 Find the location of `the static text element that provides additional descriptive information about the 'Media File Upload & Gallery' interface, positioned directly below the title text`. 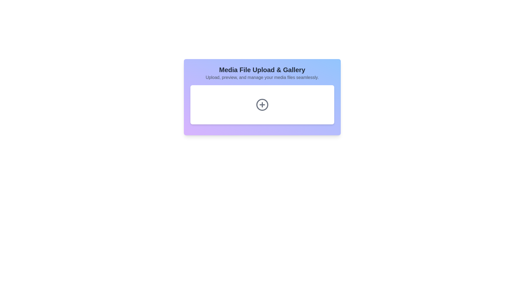

the static text element that provides additional descriptive information about the 'Media File Upload & Gallery' interface, positioned directly below the title text is located at coordinates (262, 78).